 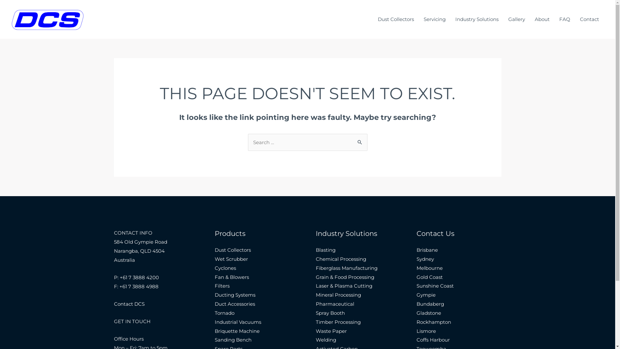 What do you see at coordinates (434, 19) in the screenshot?
I see `'Servicing'` at bounding box center [434, 19].